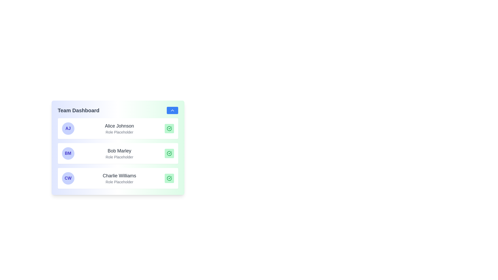 The height and width of the screenshot is (280, 498). What do you see at coordinates (169, 128) in the screenshot?
I see `the small green interactive badge with a checkmark symbol located in the top-right corner of the card labeled 'Alice Johnson' in the 'Team Dashboard' section` at bounding box center [169, 128].